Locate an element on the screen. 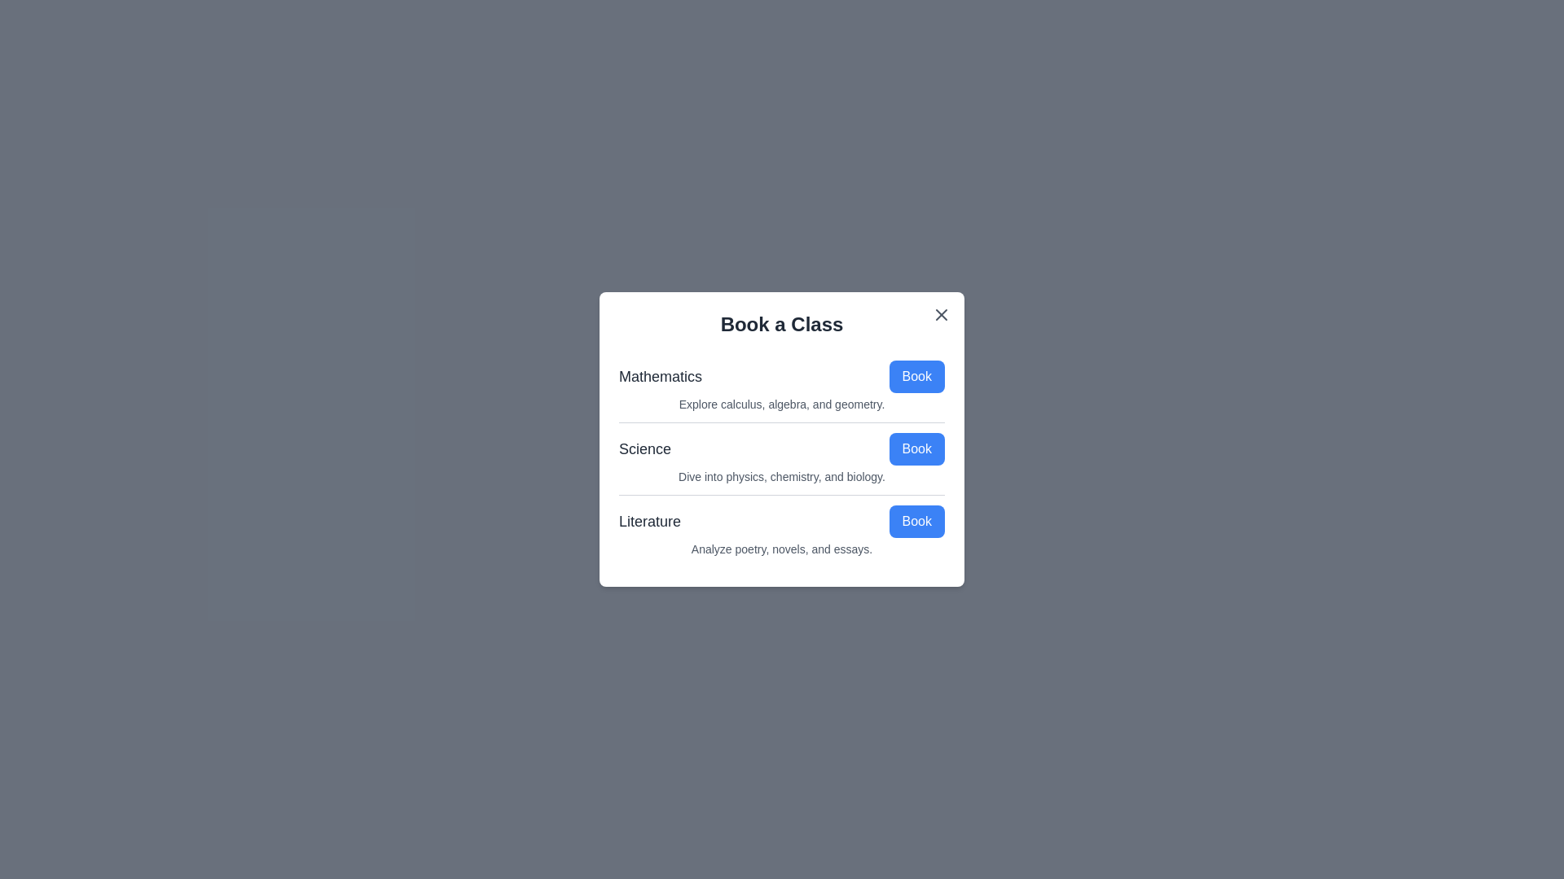 The width and height of the screenshot is (1564, 879). the 'Book' button for the topic Science is located at coordinates (916, 448).